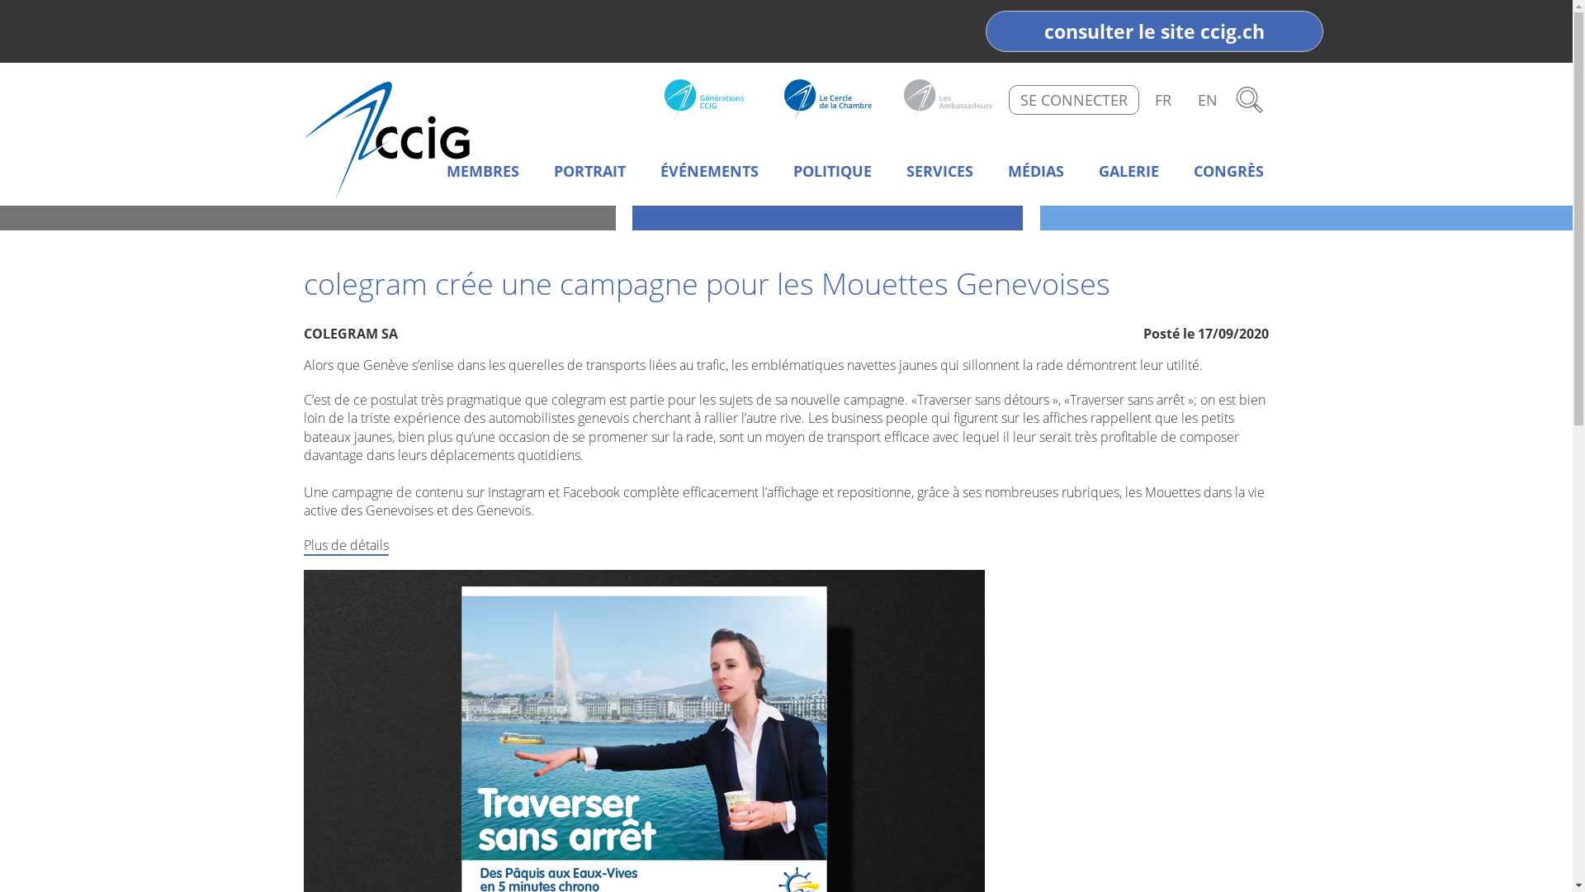  What do you see at coordinates (1208, 99) in the screenshot?
I see `'EN'` at bounding box center [1208, 99].